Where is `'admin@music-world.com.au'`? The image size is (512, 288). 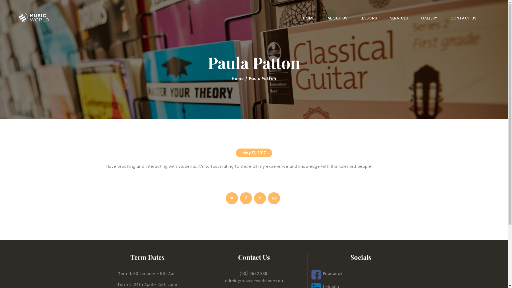 'admin@music-world.com.au' is located at coordinates (254, 281).